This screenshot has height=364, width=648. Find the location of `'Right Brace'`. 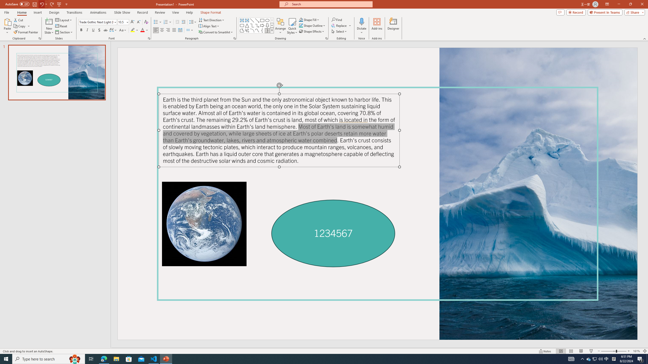

'Right Brace' is located at coordinates (267, 30).